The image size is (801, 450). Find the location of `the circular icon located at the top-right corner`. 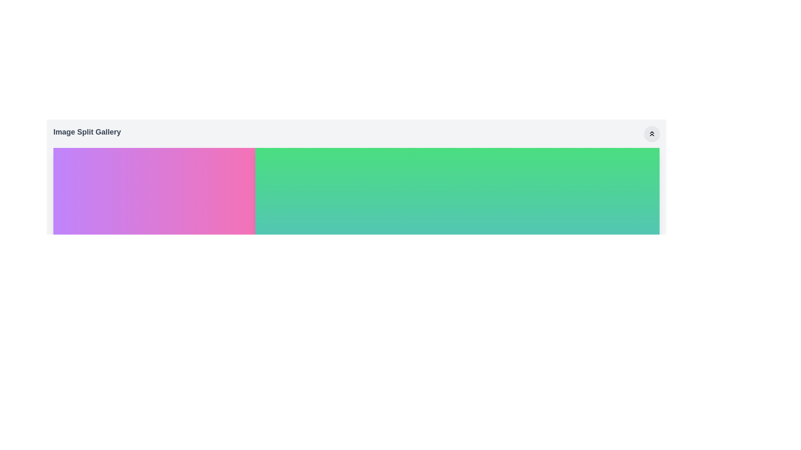

the circular icon located at the top-right corner is located at coordinates (652, 133).